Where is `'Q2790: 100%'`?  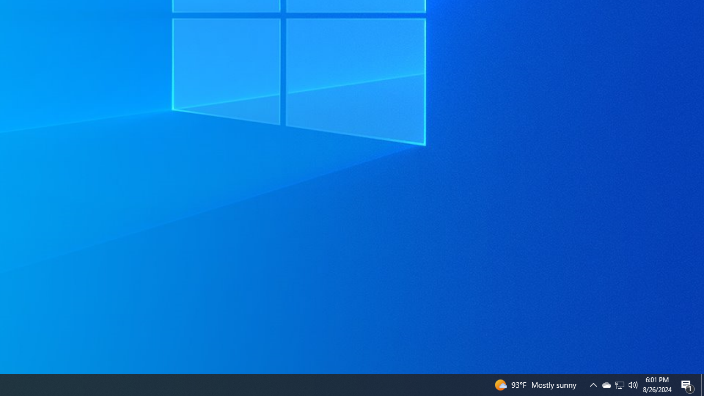
'Q2790: 100%' is located at coordinates (606, 384).